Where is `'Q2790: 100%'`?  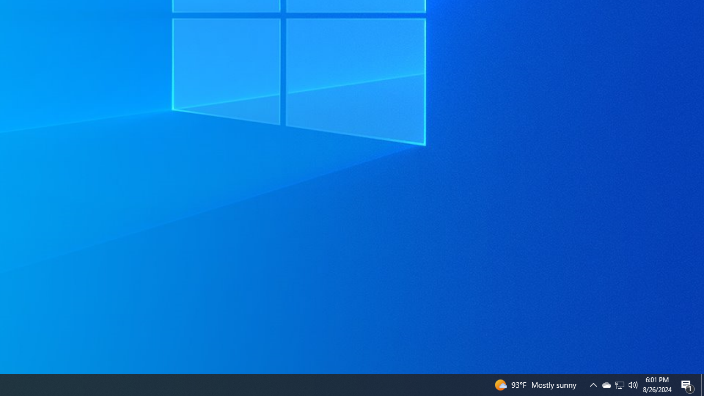
'Q2790: 100%' is located at coordinates (606, 384).